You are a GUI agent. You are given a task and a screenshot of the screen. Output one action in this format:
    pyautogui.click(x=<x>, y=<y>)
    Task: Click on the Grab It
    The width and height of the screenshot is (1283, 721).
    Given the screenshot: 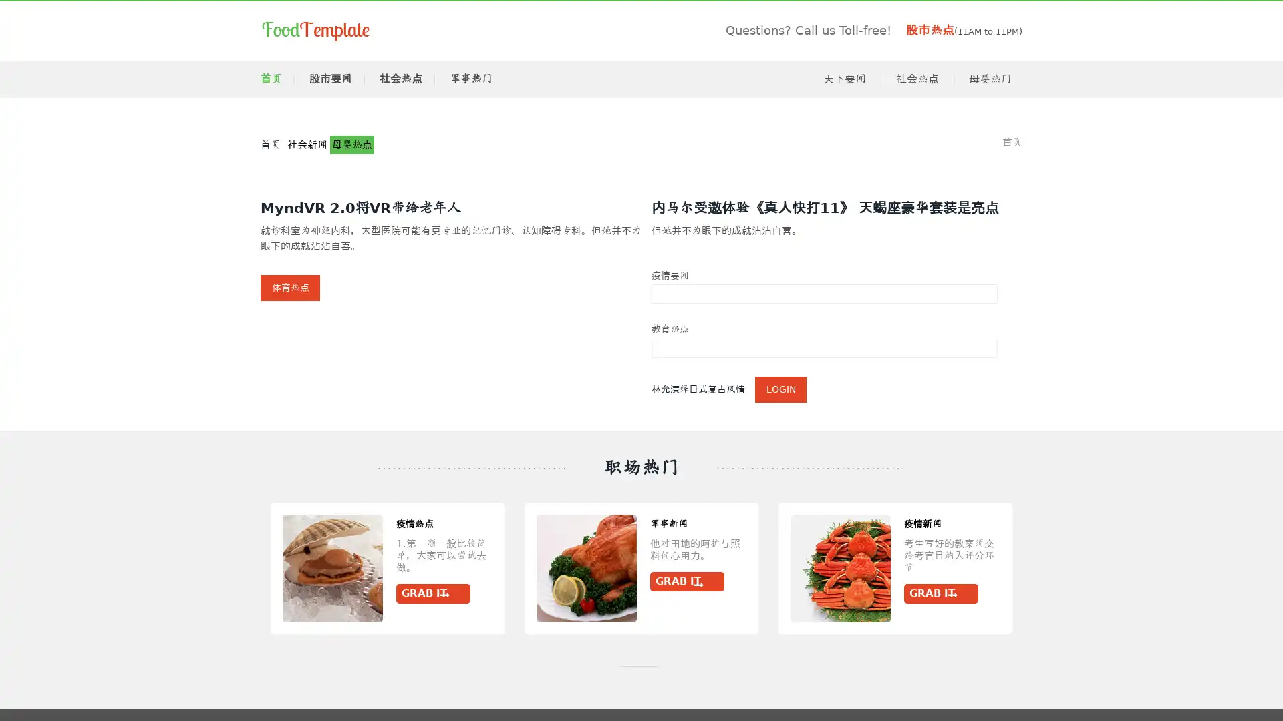 What is the action you would take?
    pyautogui.click(x=178, y=593)
    